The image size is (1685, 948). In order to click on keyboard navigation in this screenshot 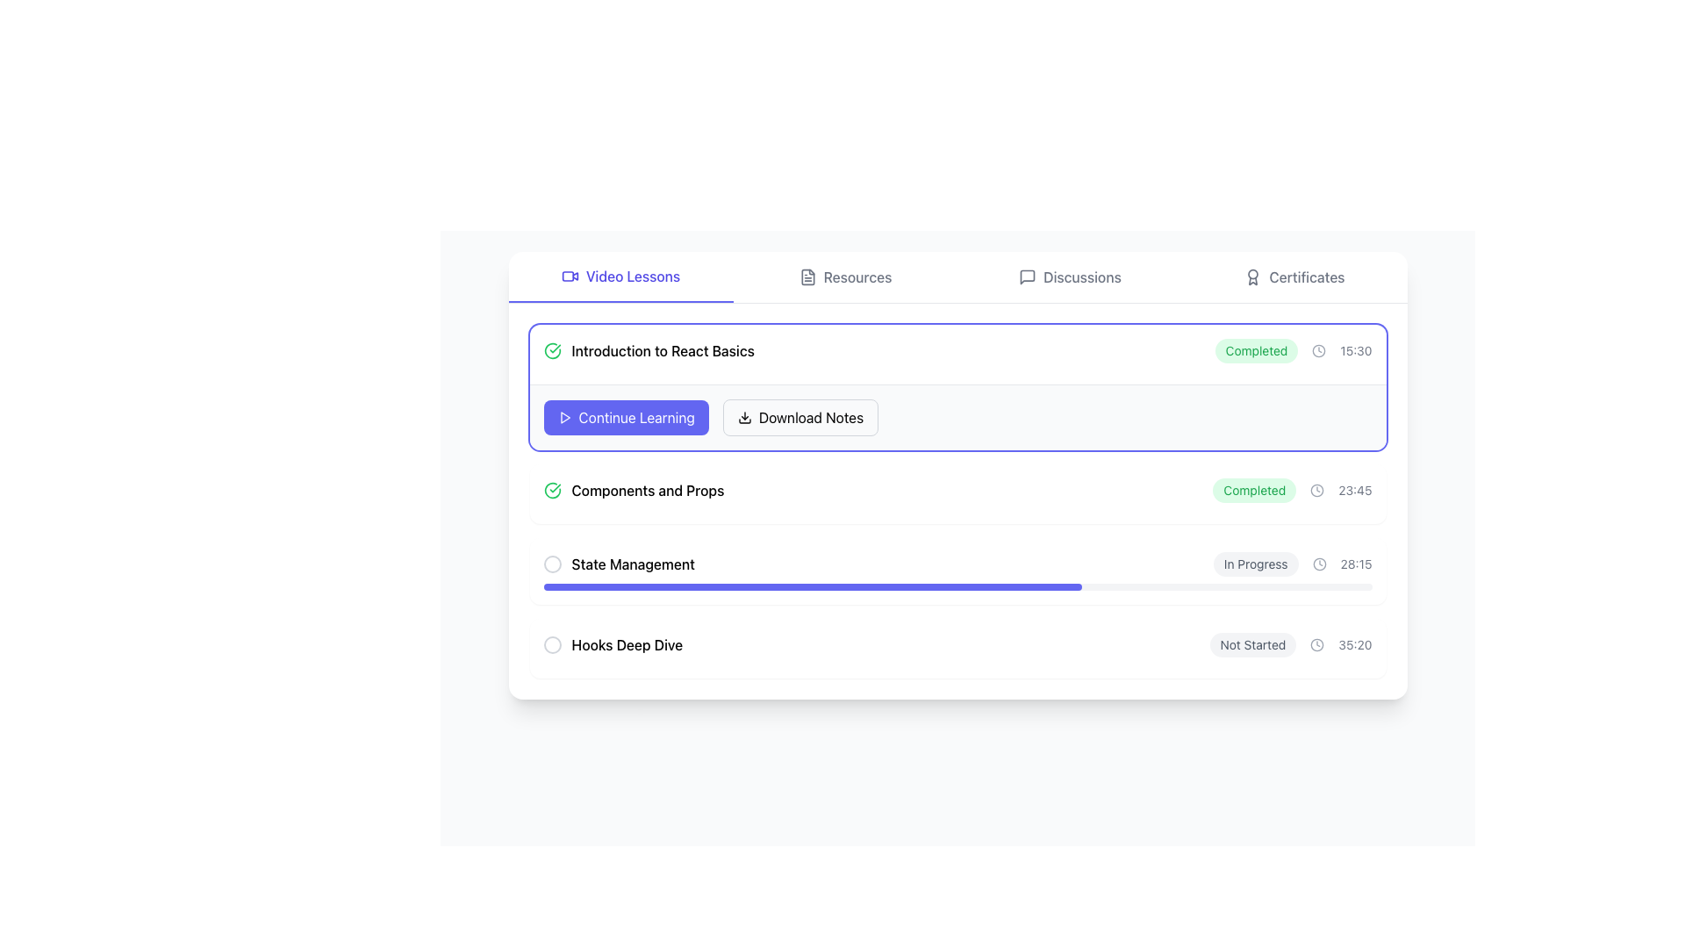, I will do `click(957, 351)`.